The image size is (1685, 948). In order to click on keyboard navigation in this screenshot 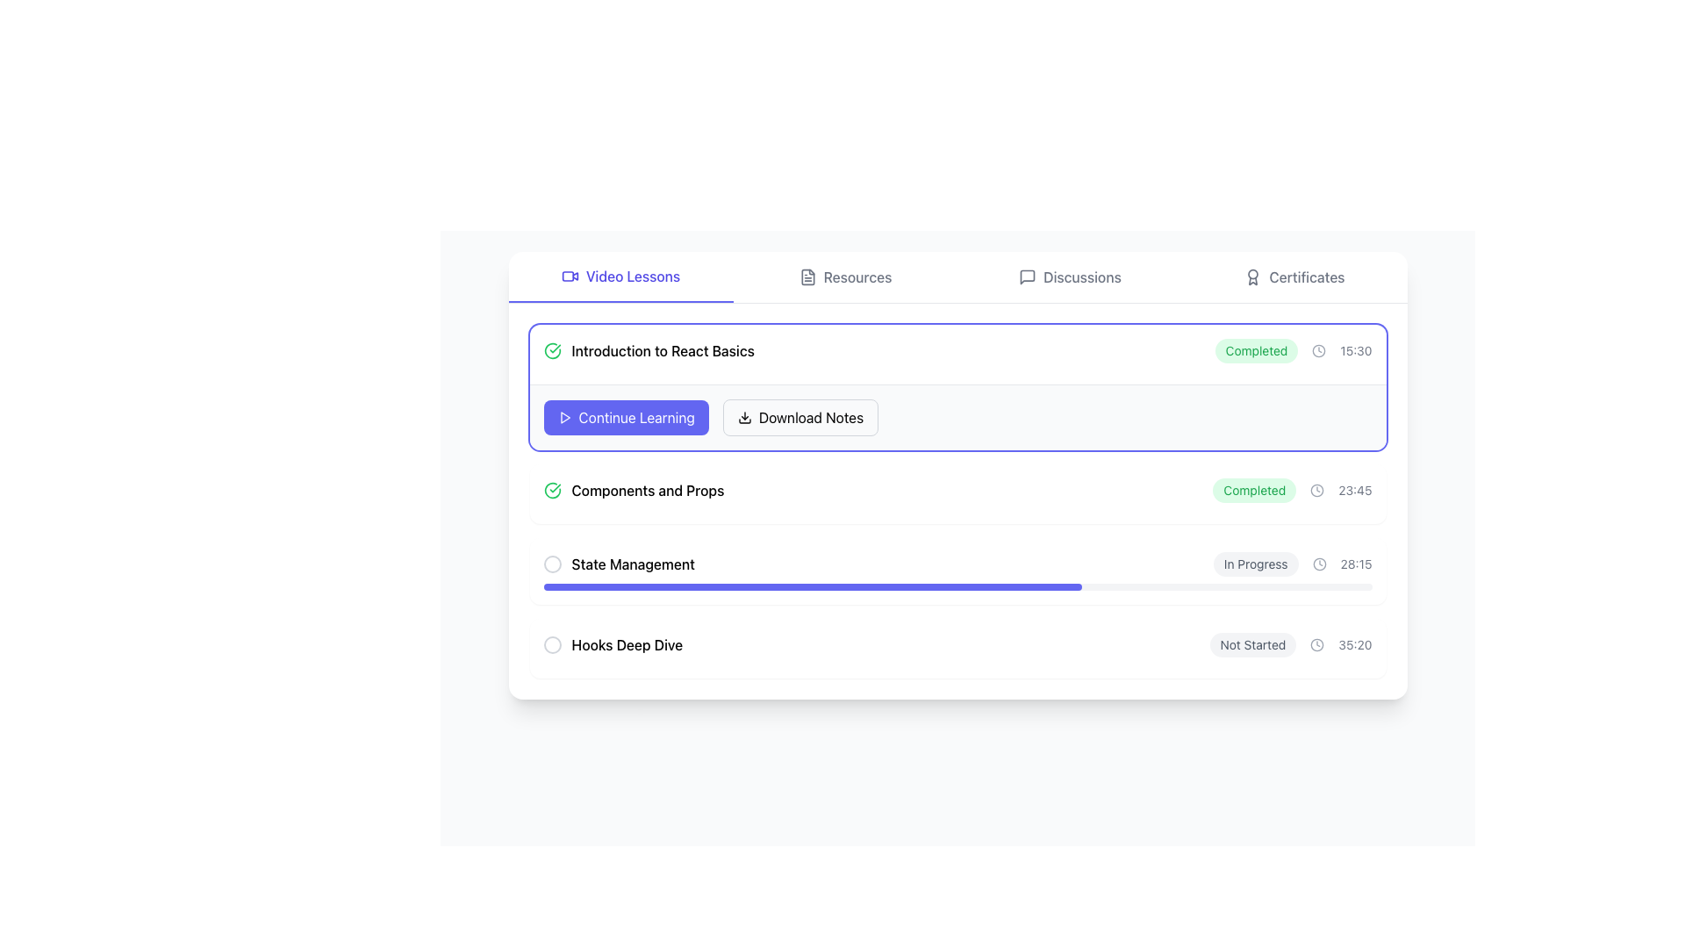, I will do `click(957, 351)`.